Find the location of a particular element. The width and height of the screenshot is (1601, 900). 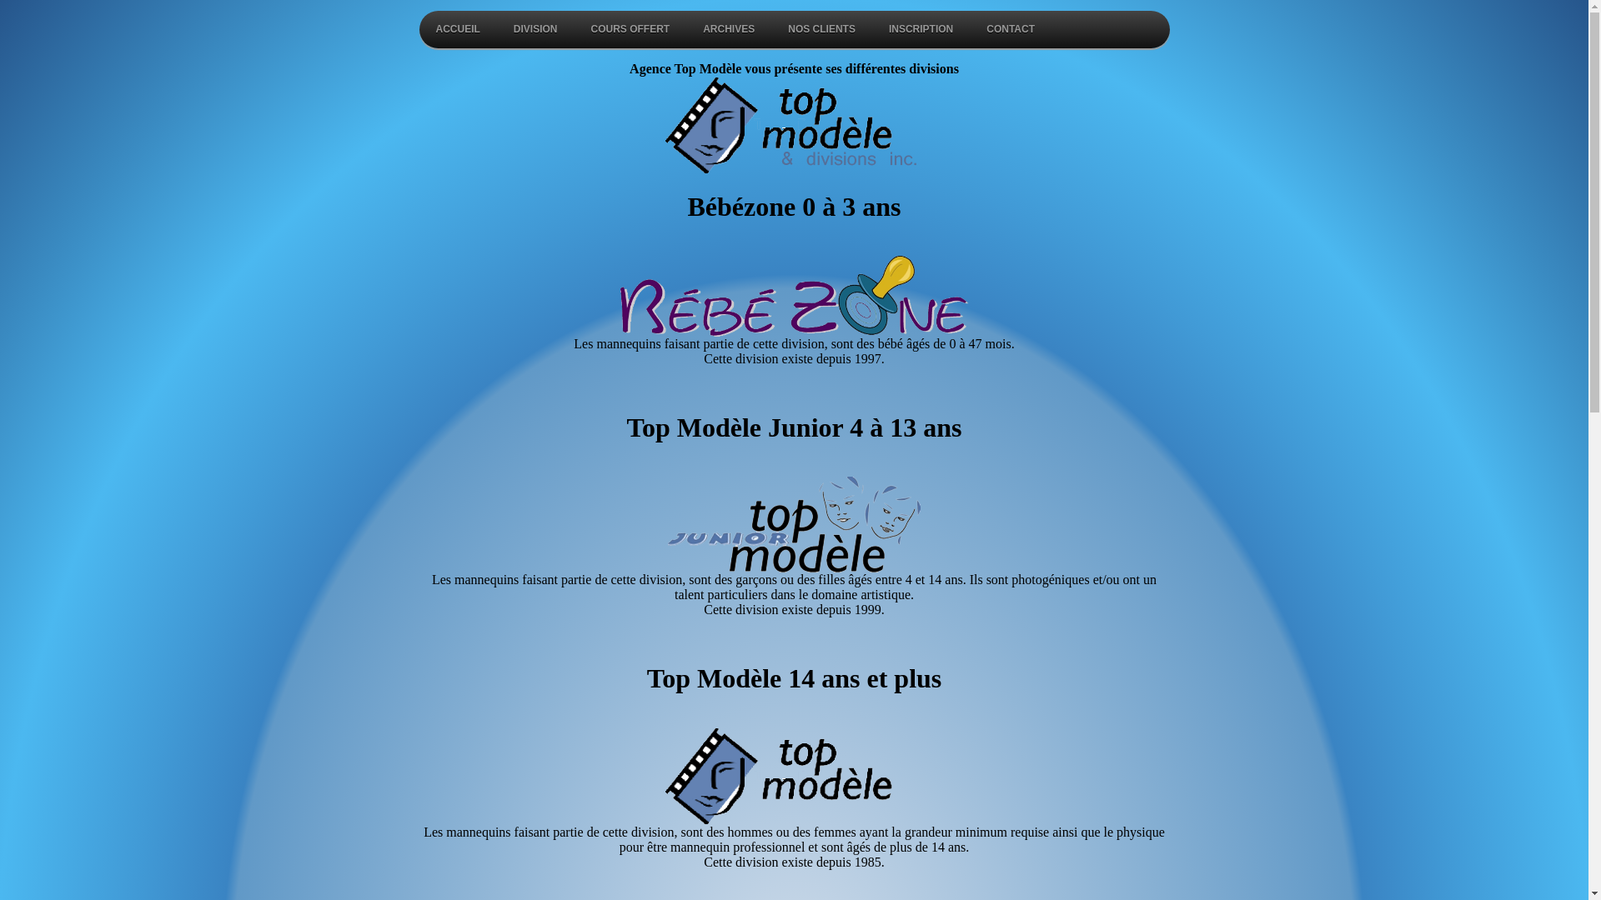

'ACCUEIL' is located at coordinates (419, 29).